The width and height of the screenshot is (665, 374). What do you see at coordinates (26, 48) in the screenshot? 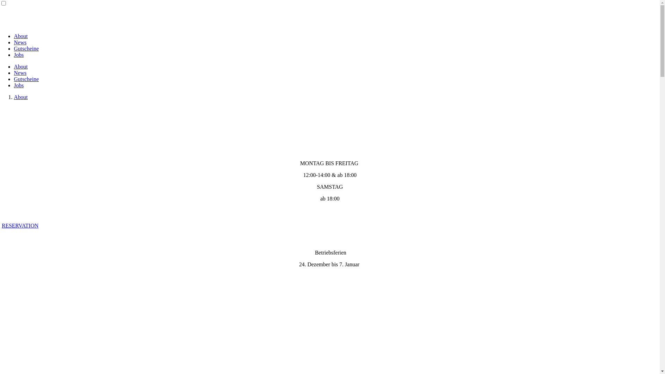
I see `'Gutscheine'` at bounding box center [26, 48].